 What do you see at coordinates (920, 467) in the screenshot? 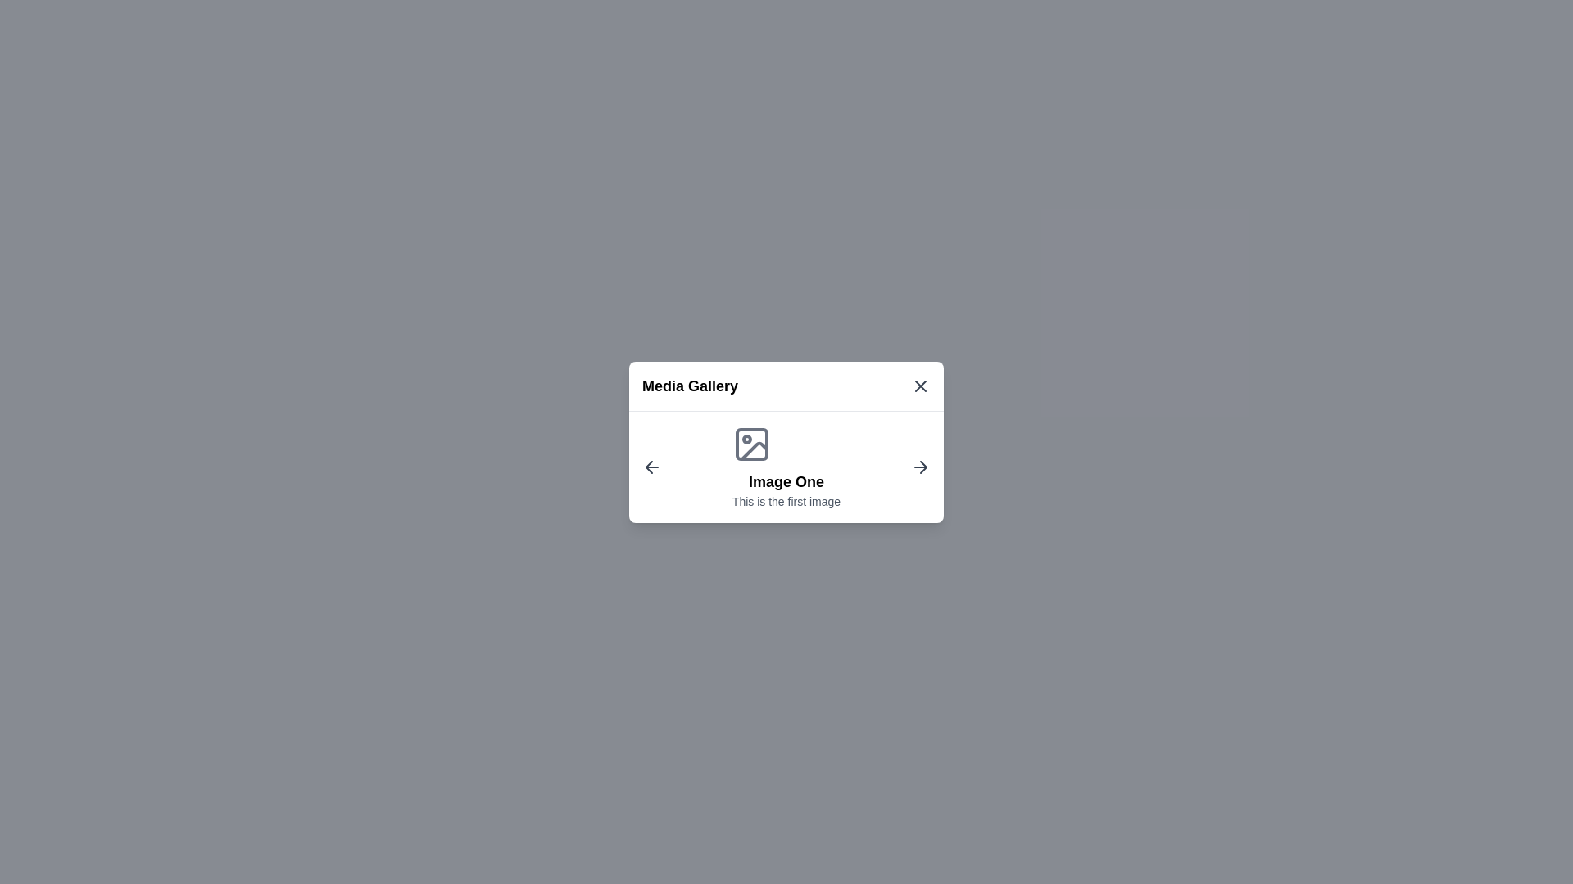
I see `the navigation button in the 'Media Gallery' popup to move to the next image` at bounding box center [920, 467].